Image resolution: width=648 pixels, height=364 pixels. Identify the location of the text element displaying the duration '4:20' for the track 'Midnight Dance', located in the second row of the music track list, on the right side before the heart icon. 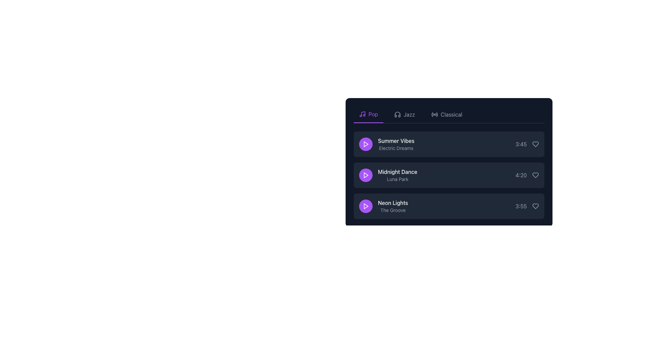
(521, 175).